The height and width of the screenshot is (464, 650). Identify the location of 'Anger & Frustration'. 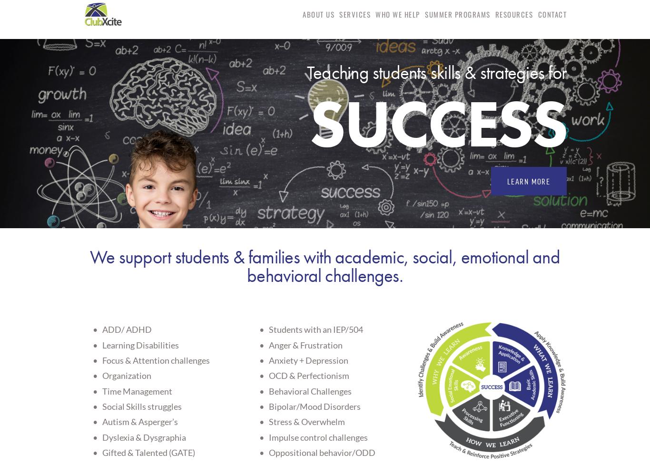
(305, 344).